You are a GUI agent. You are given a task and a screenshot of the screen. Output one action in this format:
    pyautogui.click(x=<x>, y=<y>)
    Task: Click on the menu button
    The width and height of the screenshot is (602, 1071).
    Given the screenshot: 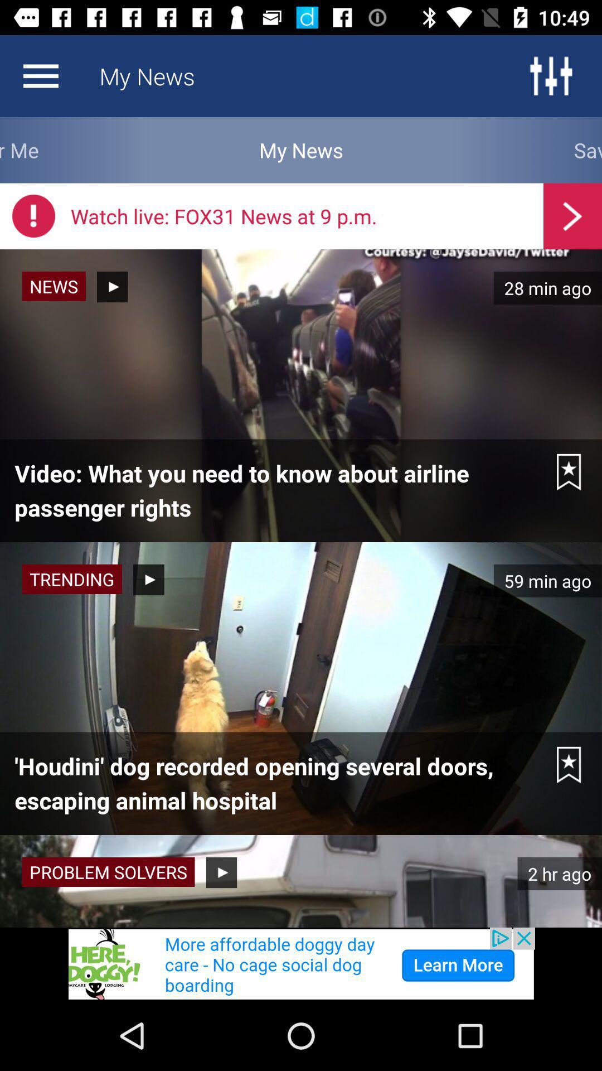 What is the action you would take?
    pyautogui.click(x=550, y=75)
    